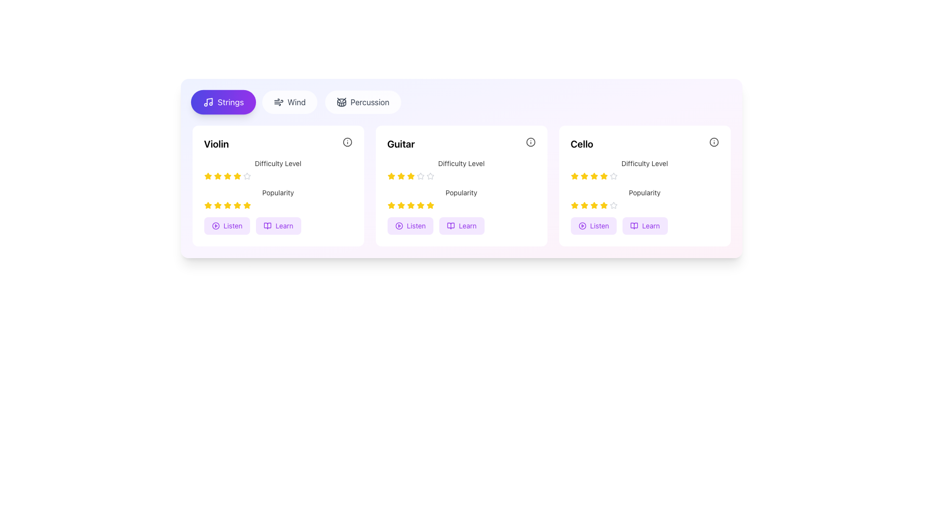 This screenshot has height=526, width=936. What do you see at coordinates (347, 142) in the screenshot?
I see `the informational icon styled as an information emoji located in the top-right corner of the 'Violin' block` at bounding box center [347, 142].